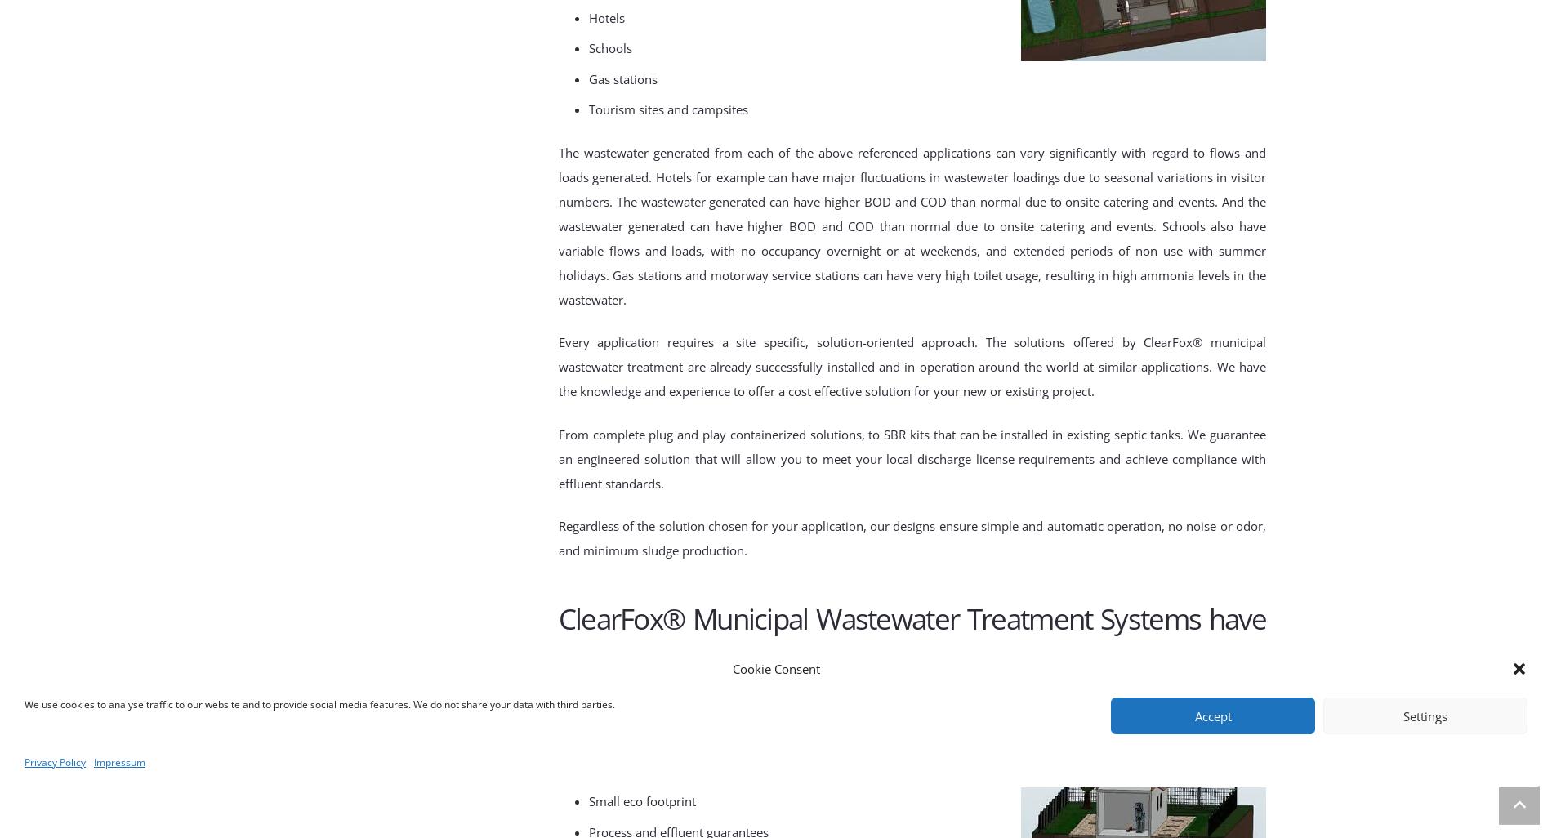 The image size is (1552, 838). What do you see at coordinates (912, 163) in the screenshot?
I see `'The wastewater generated from each of the above referenced applications can vary significantly with regard to flows and loads generated. Hotels for example can have ma'` at bounding box center [912, 163].